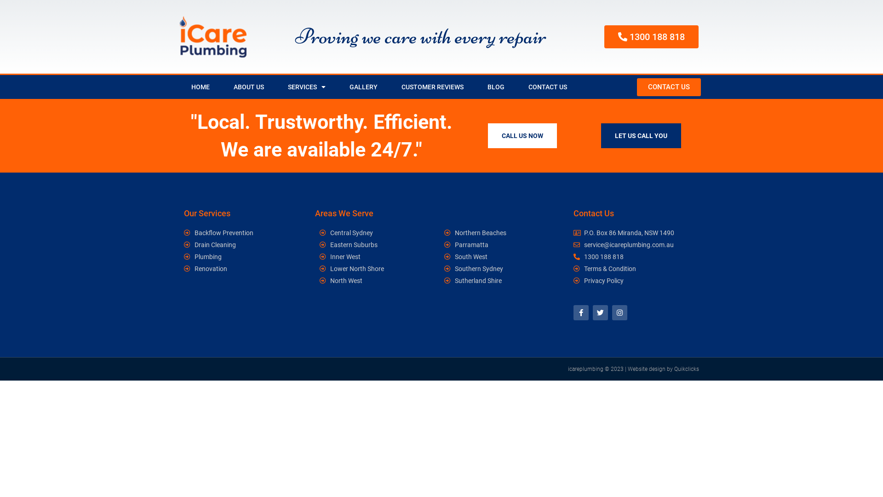  What do you see at coordinates (501, 244) in the screenshot?
I see `'Parramatta'` at bounding box center [501, 244].